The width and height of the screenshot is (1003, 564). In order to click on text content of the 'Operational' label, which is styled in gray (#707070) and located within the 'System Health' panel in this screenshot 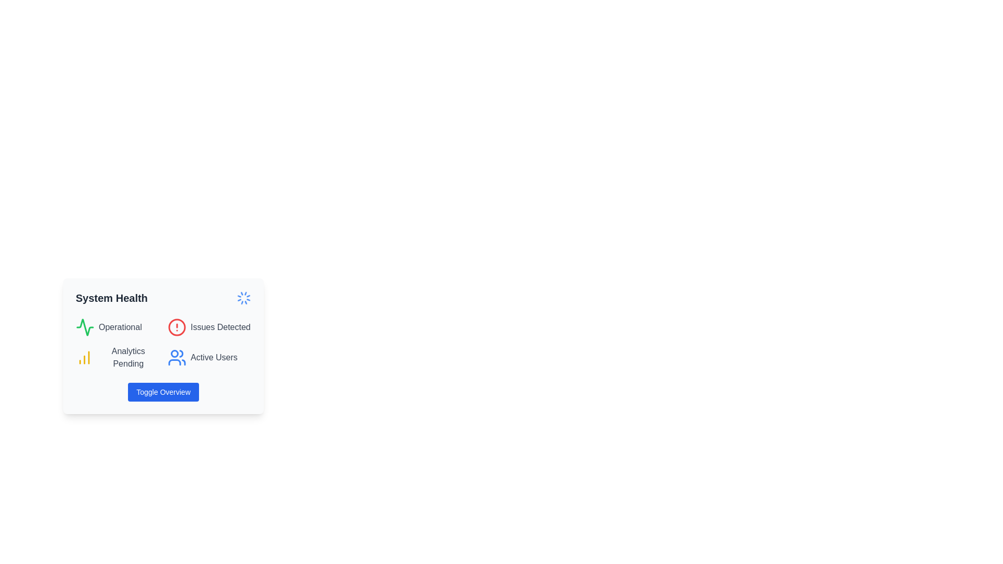, I will do `click(120, 327)`.